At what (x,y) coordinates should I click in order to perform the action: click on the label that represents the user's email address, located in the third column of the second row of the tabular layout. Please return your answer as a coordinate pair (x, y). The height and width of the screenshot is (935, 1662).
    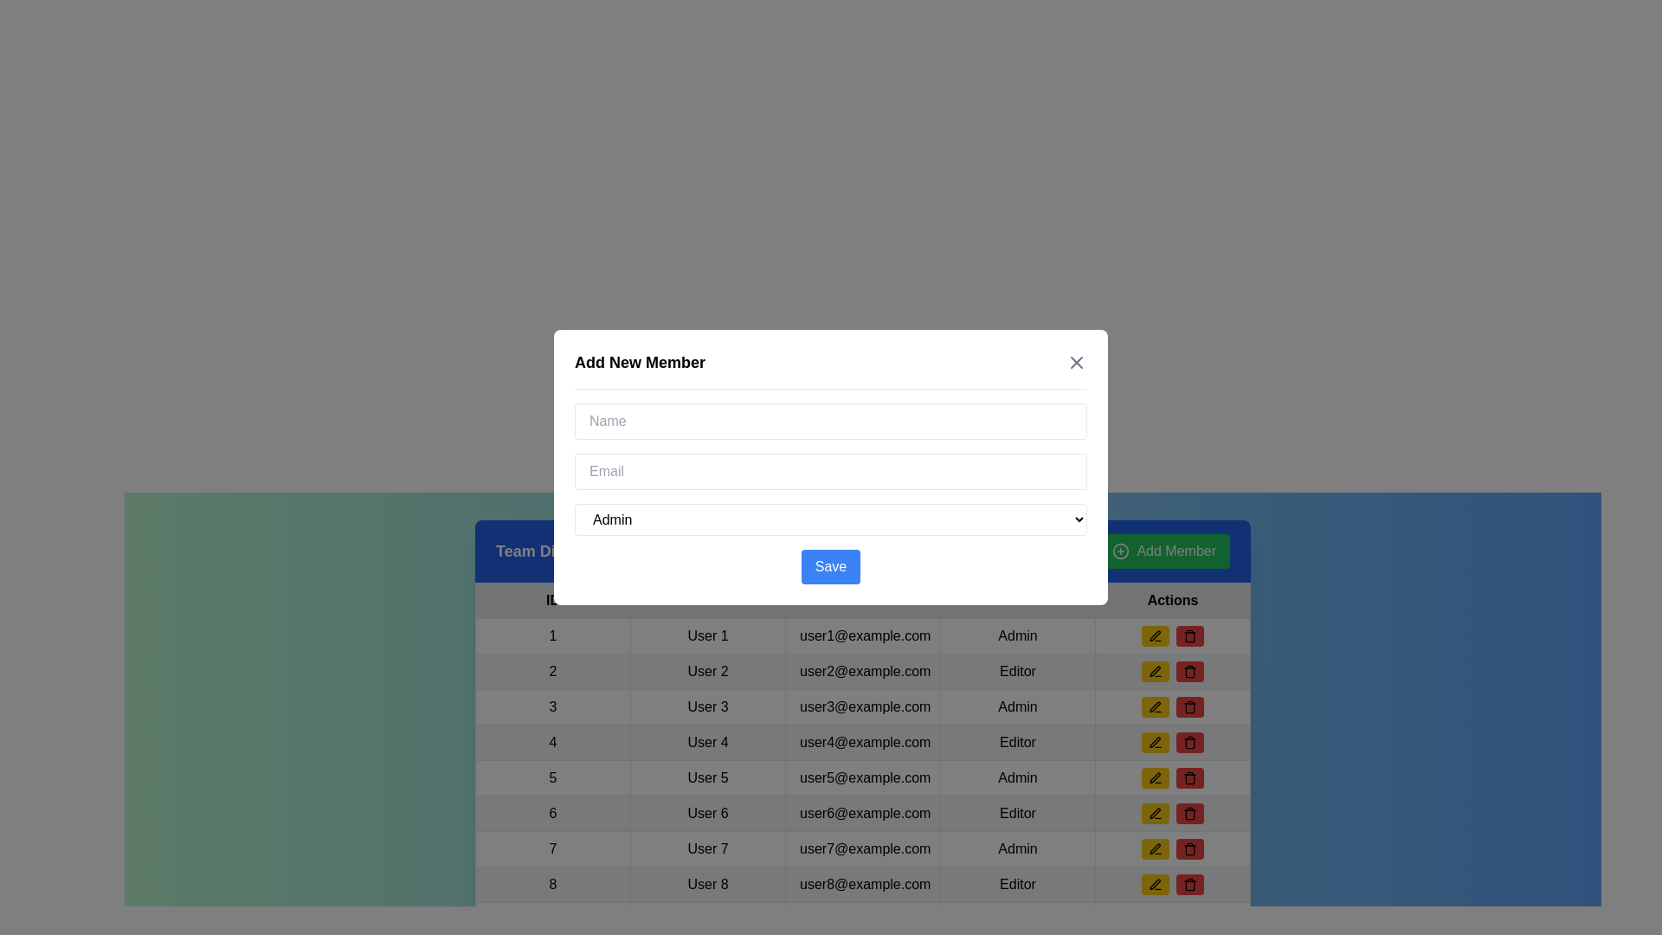
    Looking at the image, I should click on (863, 670).